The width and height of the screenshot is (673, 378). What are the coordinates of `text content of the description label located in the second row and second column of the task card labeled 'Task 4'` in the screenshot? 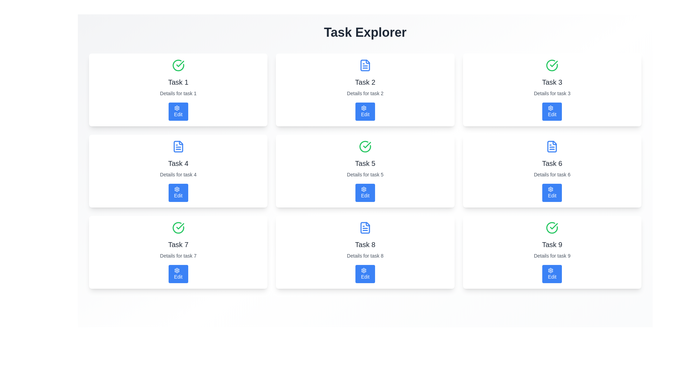 It's located at (178, 174).